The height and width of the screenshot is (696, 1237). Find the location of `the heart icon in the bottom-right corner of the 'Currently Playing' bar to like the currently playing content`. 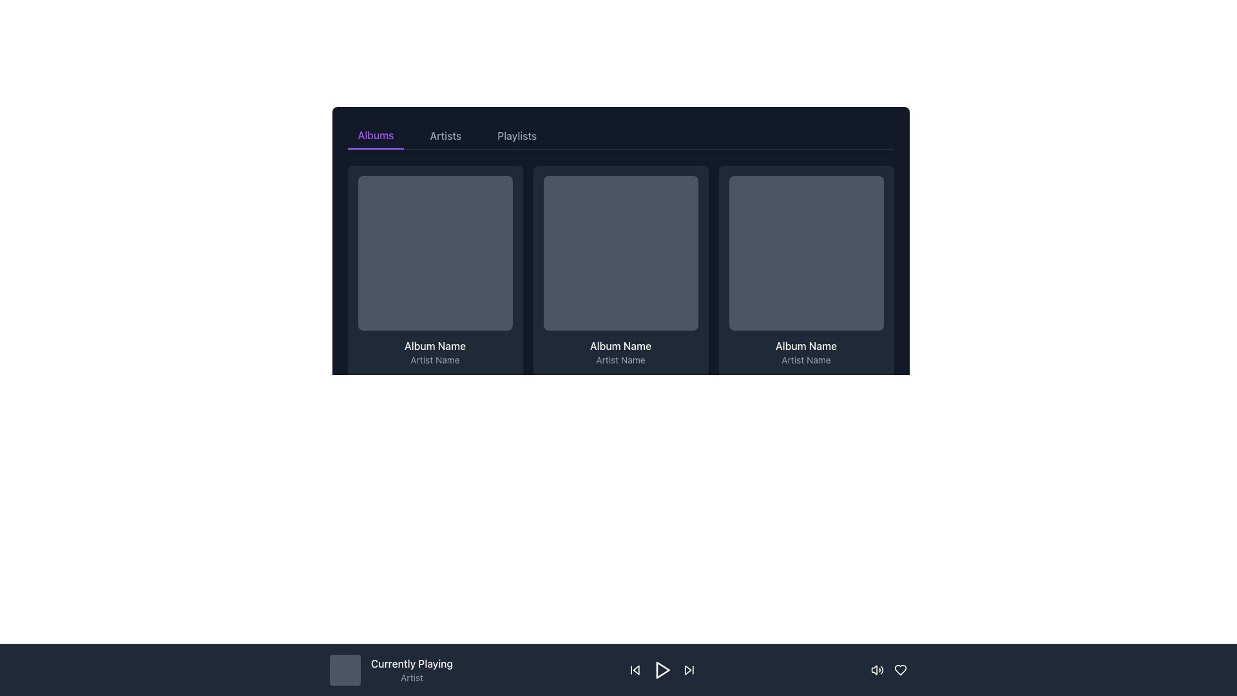

the heart icon in the bottom-right corner of the 'Currently Playing' bar to like the currently playing content is located at coordinates (888, 670).